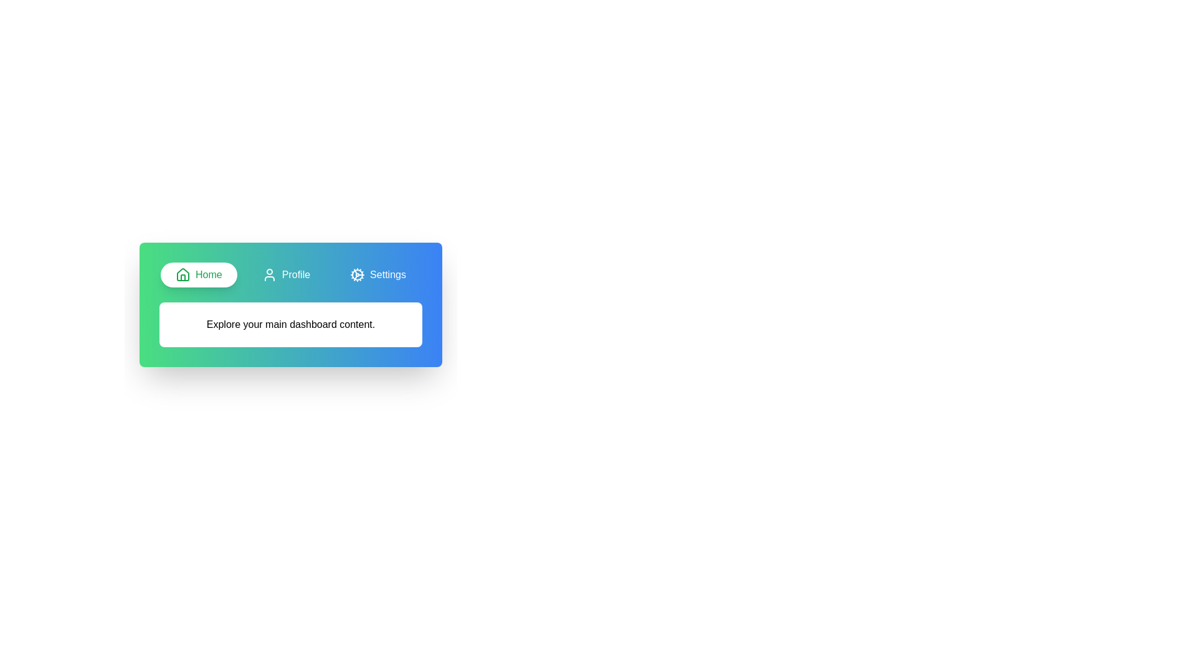 This screenshot has width=1196, height=672. What do you see at coordinates (198, 274) in the screenshot?
I see `the tab labeled Home` at bounding box center [198, 274].